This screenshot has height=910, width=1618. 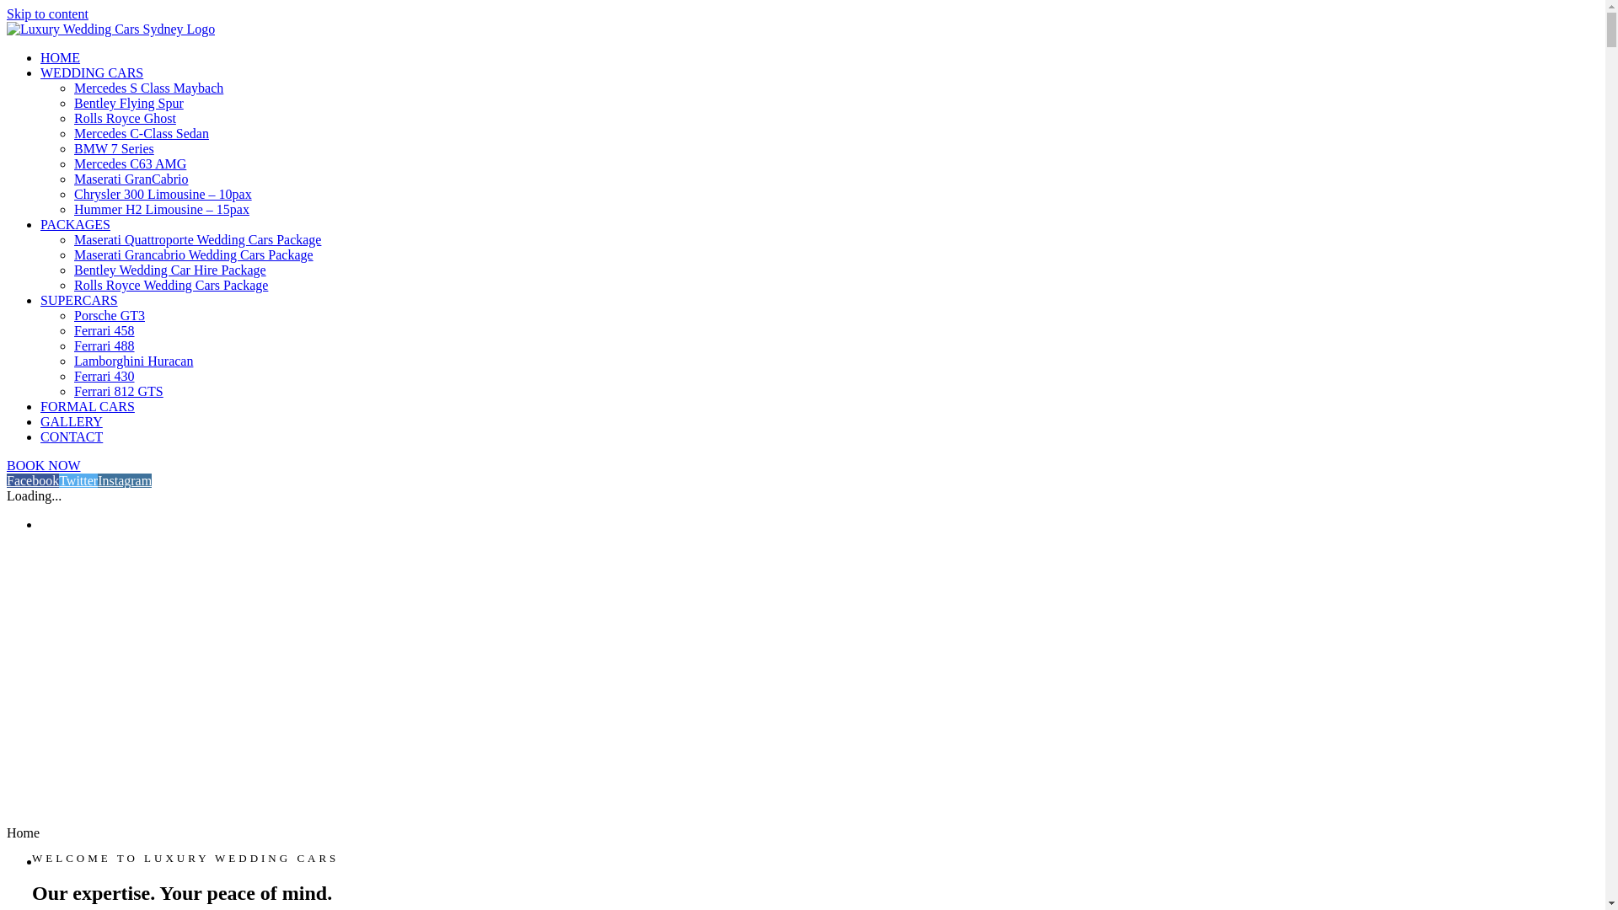 What do you see at coordinates (72, 103) in the screenshot?
I see `'Bentley Flying Spur'` at bounding box center [72, 103].